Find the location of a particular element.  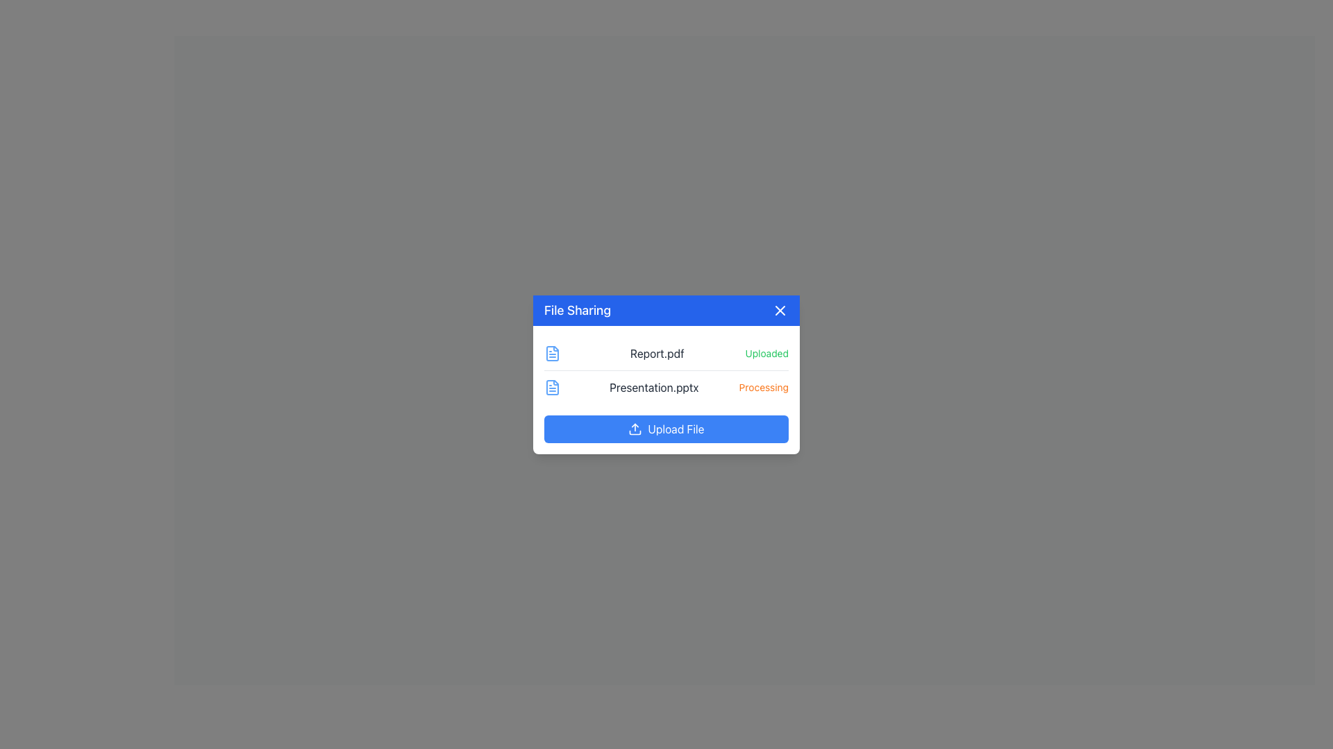

the 'Processing' label, which indicates the status of the file 'Presentation.pptx' in the file sharing dialog is located at coordinates (763, 387).